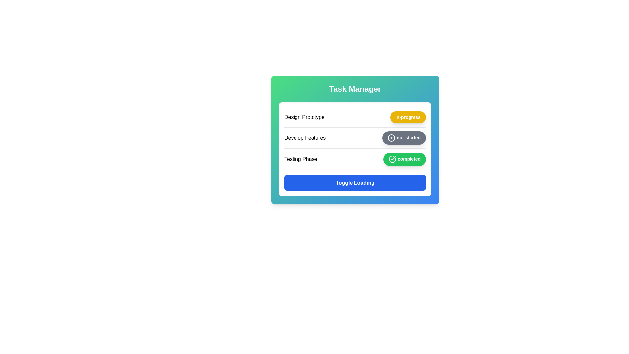 The image size is (629, 354). Describe the element at coordinates (355, 183) in the screenshot. I see `the 'Toggle Loading' button` at that location.